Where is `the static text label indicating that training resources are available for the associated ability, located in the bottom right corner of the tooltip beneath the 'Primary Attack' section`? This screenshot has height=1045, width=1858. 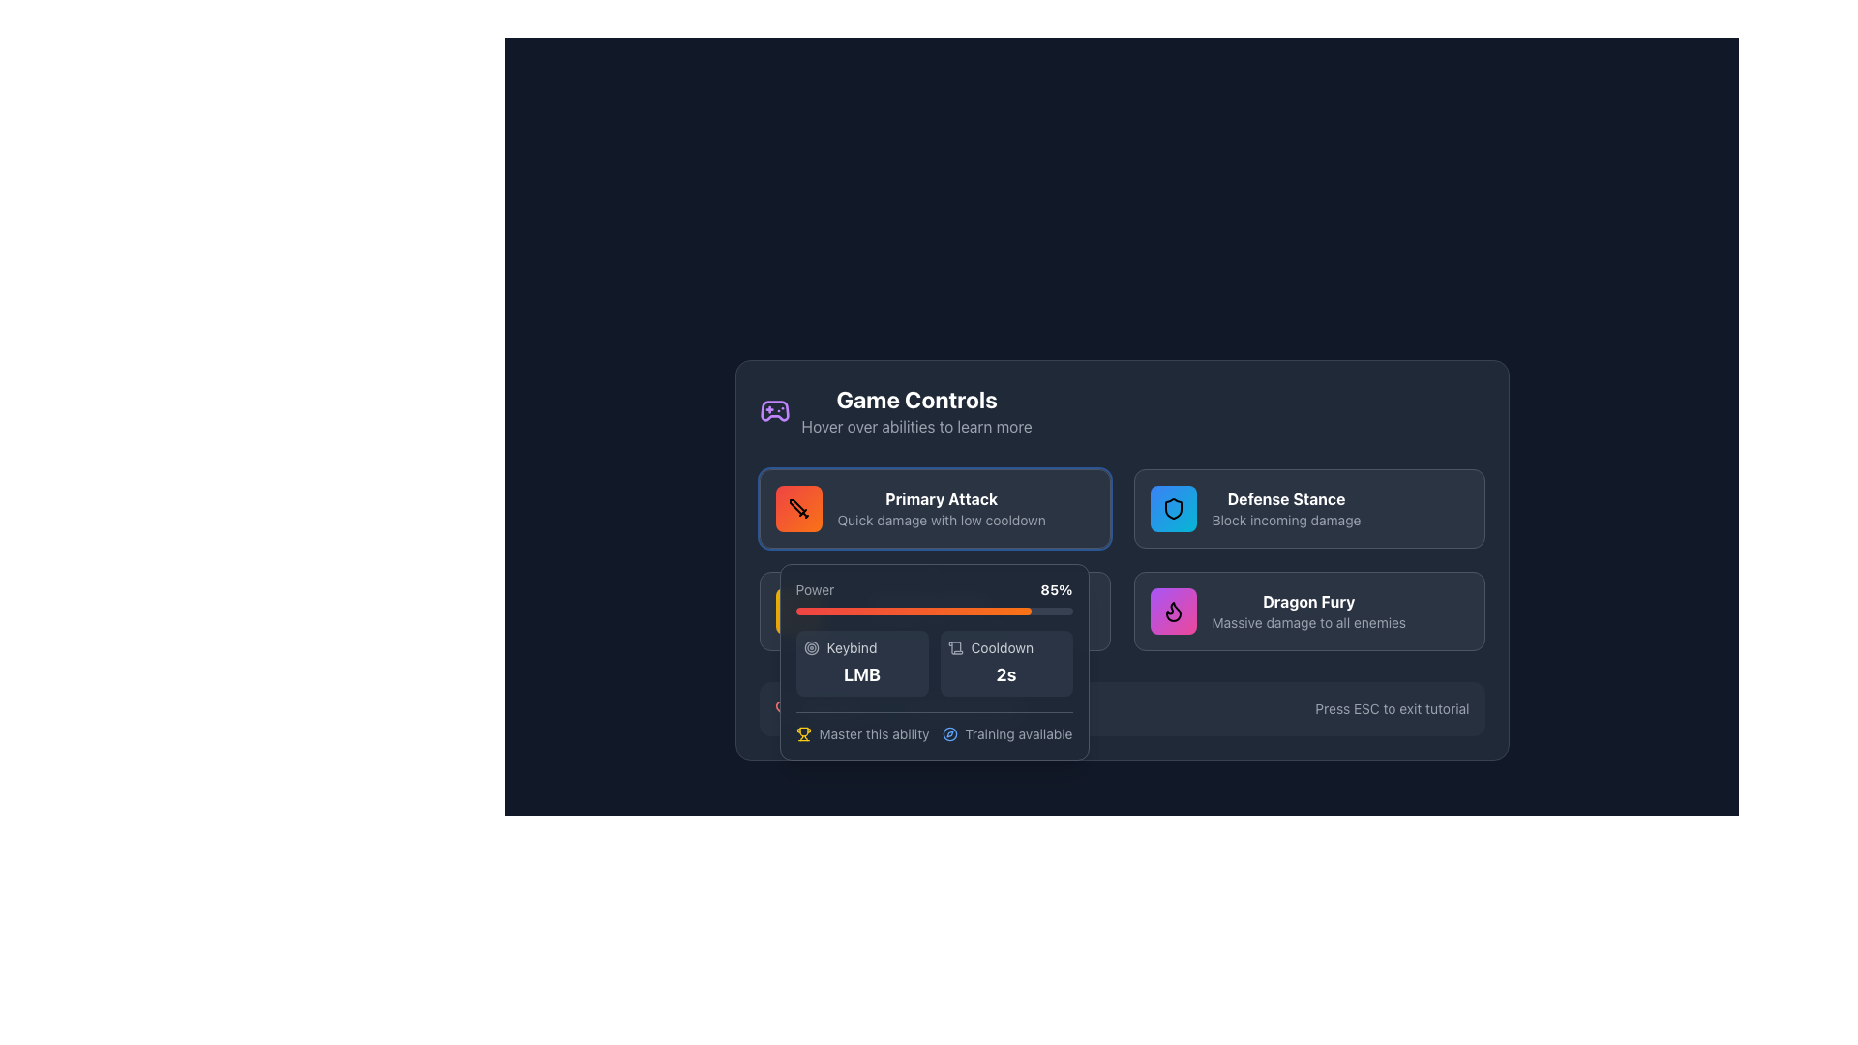 the static text label indicating that training resources are available for the associated ability, located in the bottom right corner of the tooltip beneath the 'Primary Attack' section is located at coordinates (1018, 734).